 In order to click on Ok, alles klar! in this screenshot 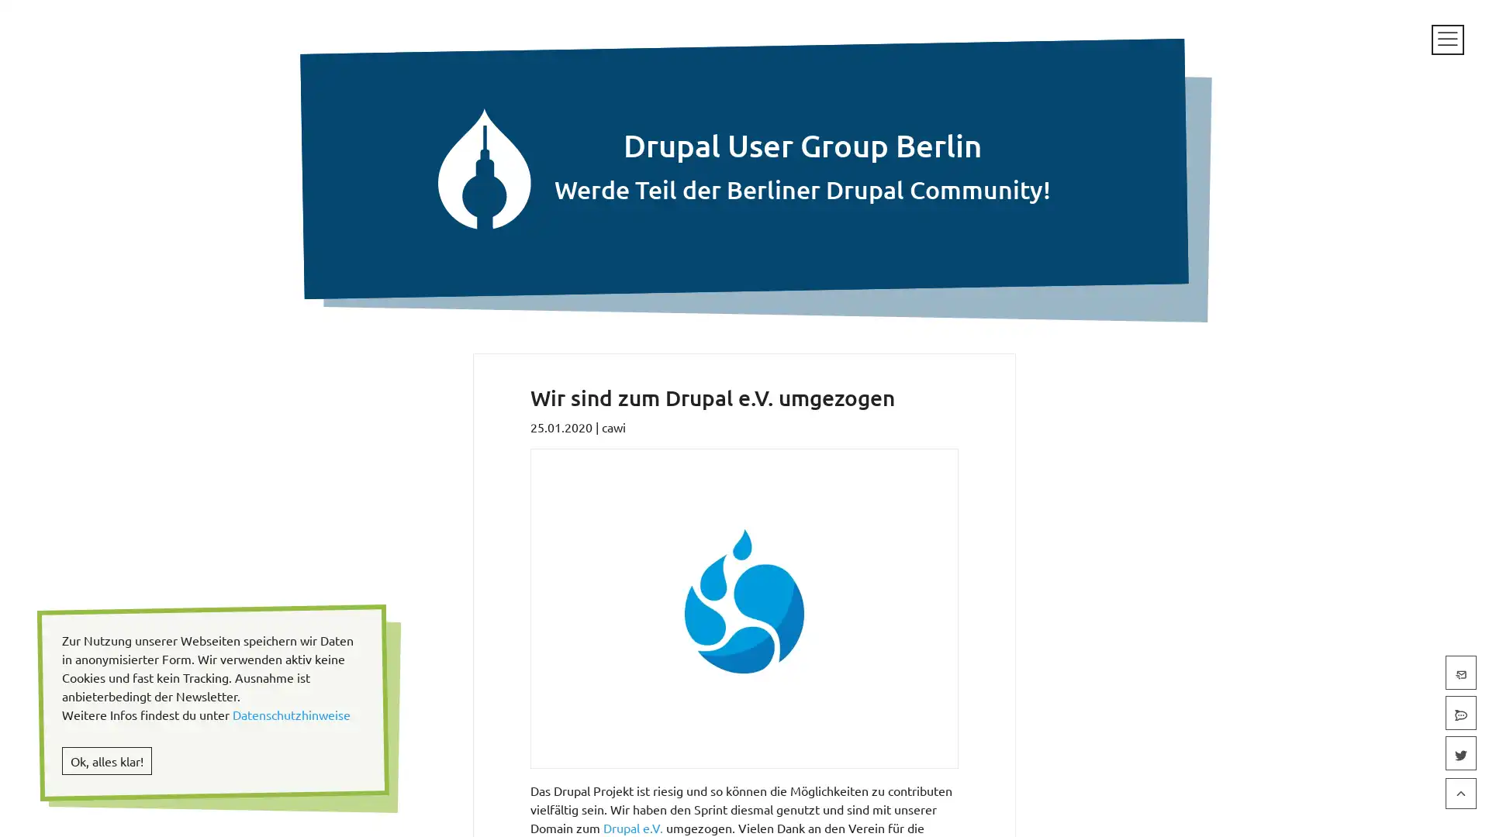, I will do `click(106, 760)`.